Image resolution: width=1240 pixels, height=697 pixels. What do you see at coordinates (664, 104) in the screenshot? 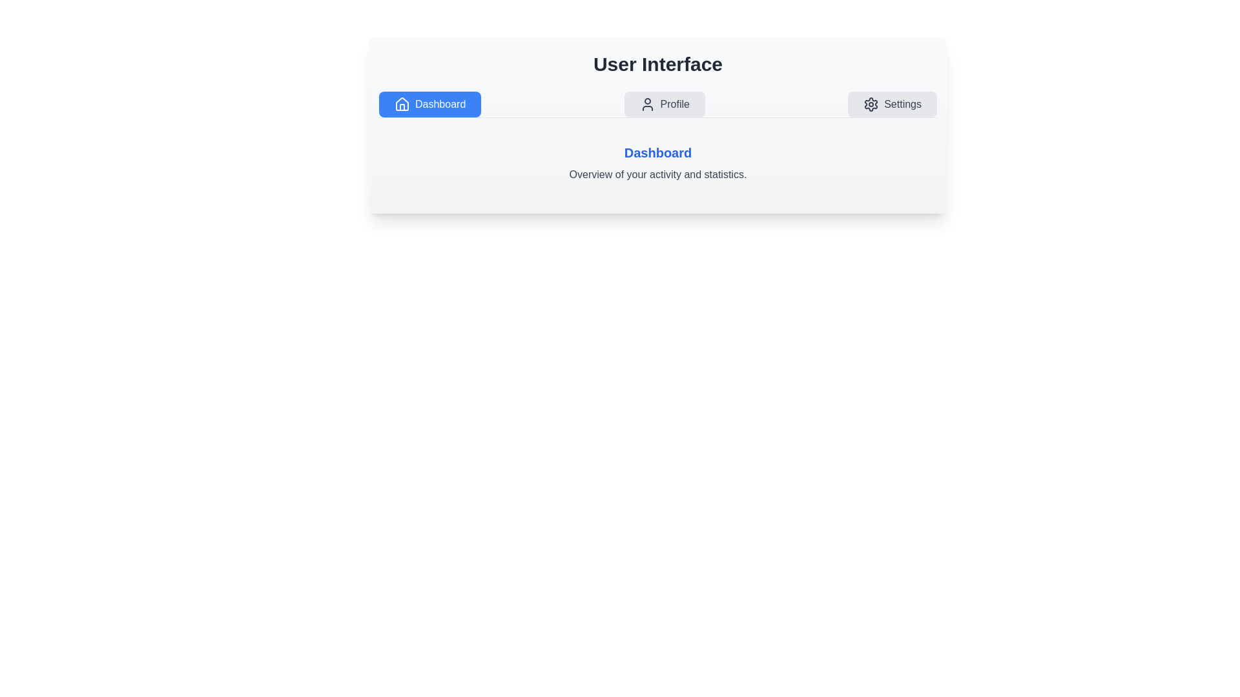
I see `the tab button labeled Profile` at bounding box center [664, 104].